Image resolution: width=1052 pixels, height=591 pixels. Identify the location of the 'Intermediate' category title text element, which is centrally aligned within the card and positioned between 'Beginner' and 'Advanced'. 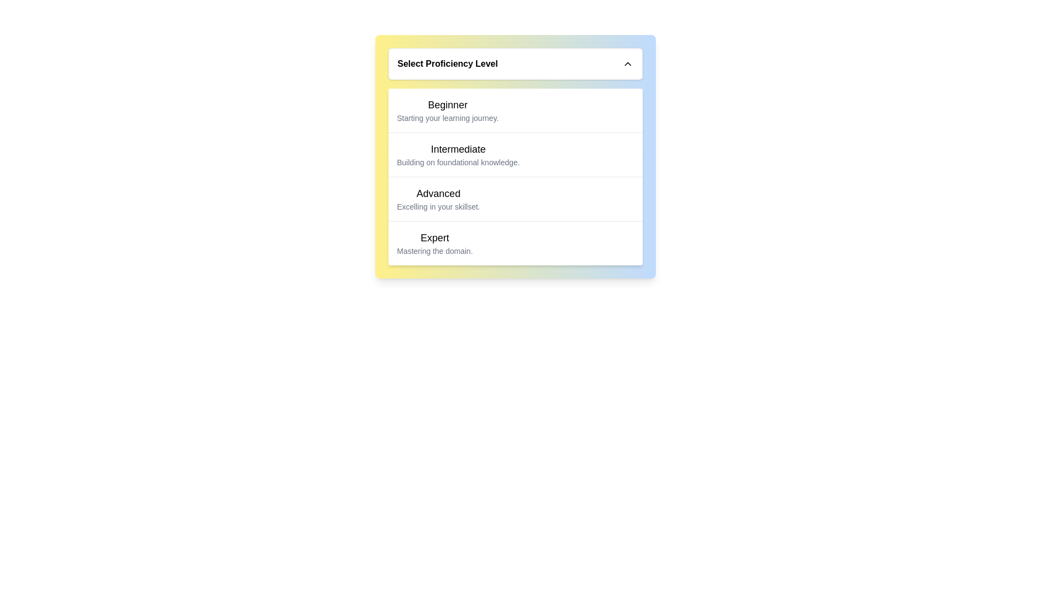
(458, 149).